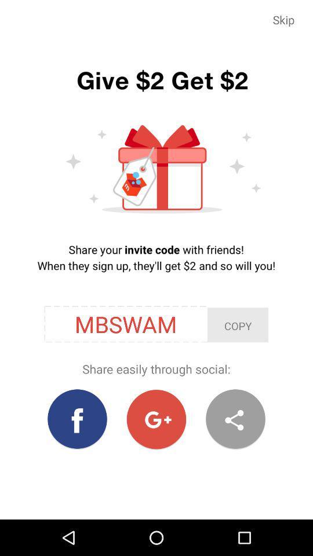 Image resolution: width=313 pixels, height=556 pixels. I want to click on icon below the share easily through item, so click(235, 419).